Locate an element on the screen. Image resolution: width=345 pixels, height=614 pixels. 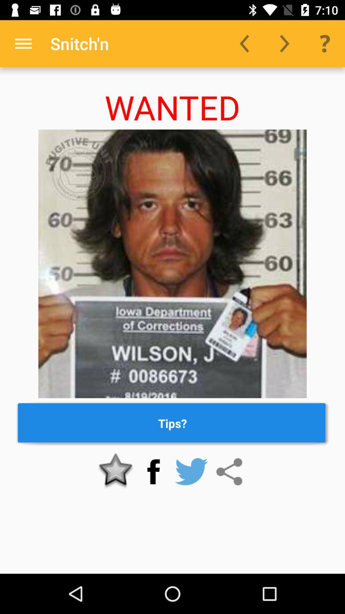
twitter link is located at coordinates (191, 472).